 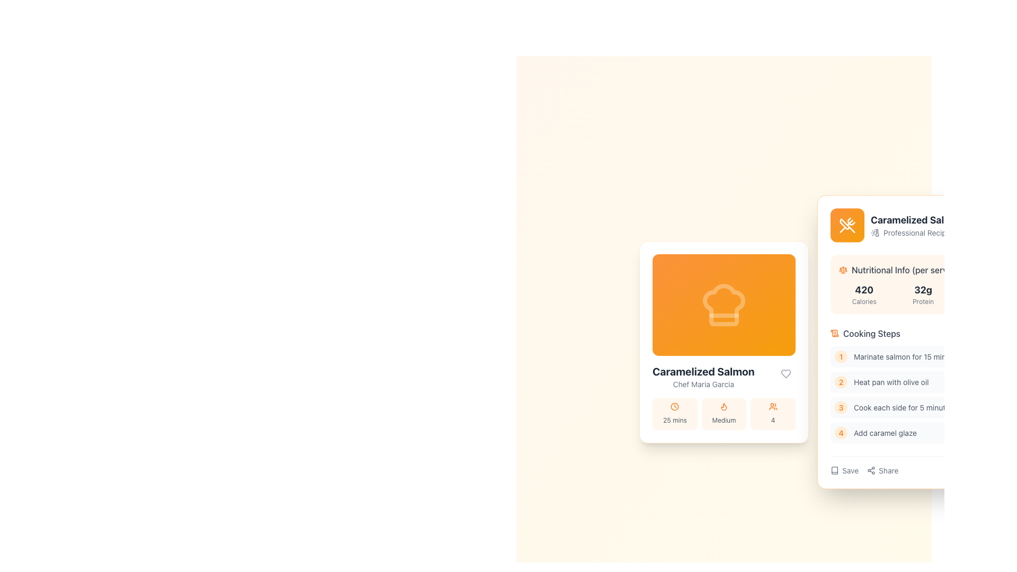 I want to click on the non-interactive label with a light orange background and a flame icon, displaying 'Medium', located in the middle of a horizontally aligned group of three elements, so click(x=724, y=414).